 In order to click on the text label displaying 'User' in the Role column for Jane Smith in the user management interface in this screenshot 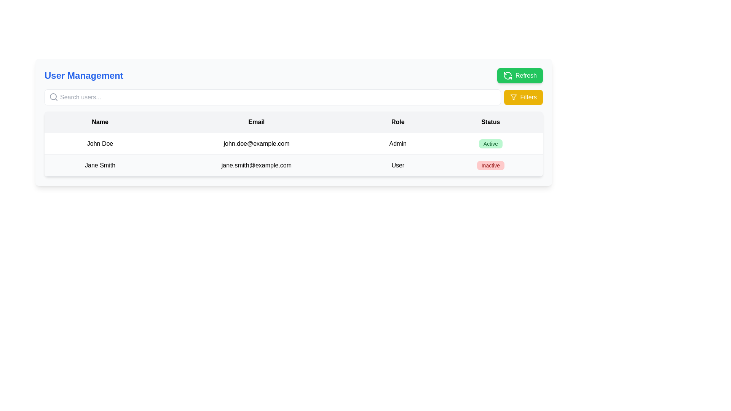, I will do `click(397, 165)`.